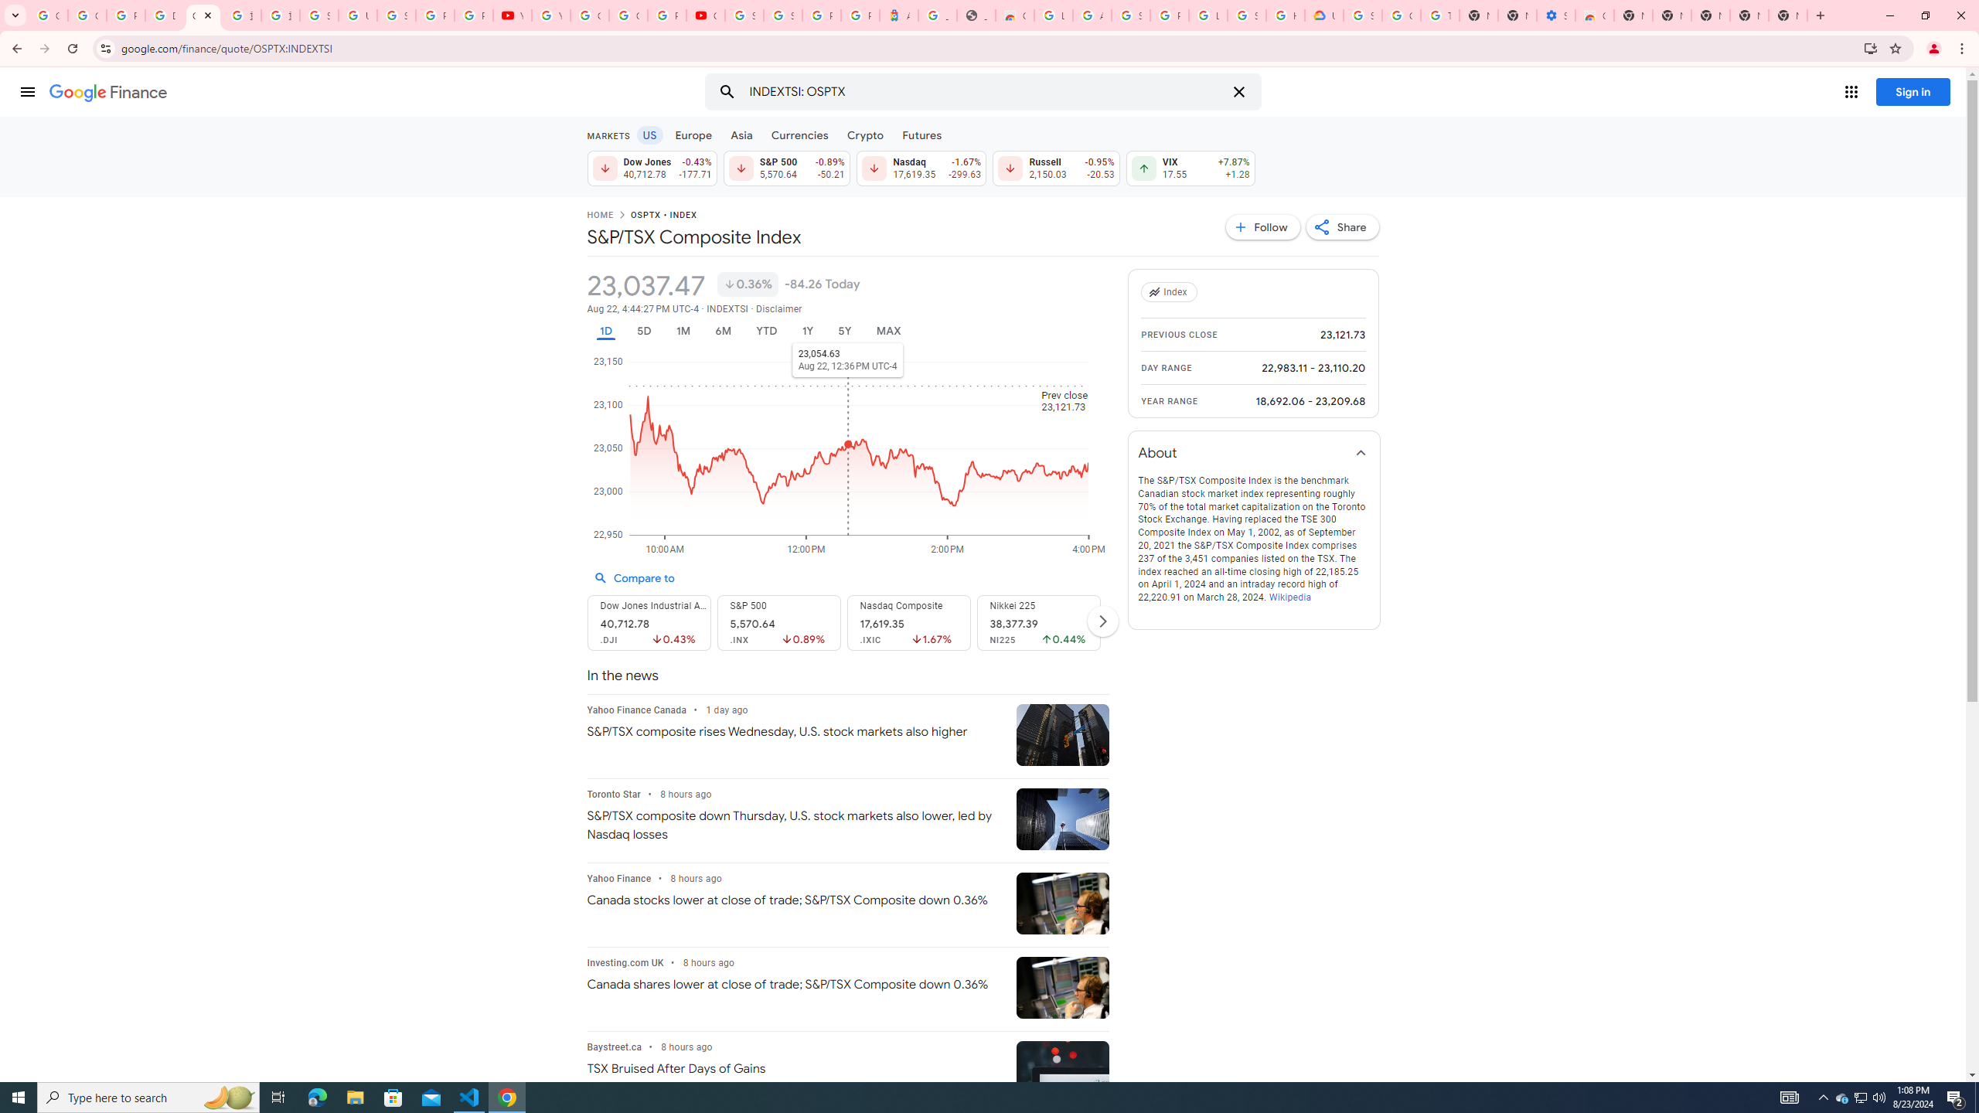  Describe the element at coordinates (1263, 226) in the screenshot. I see `'Follow'` at that location.